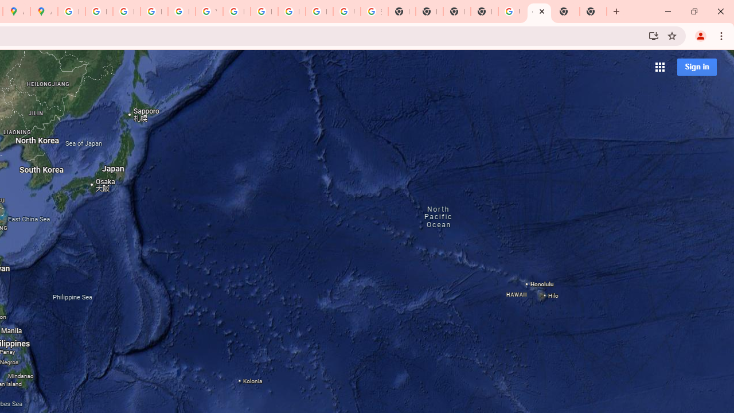  I want to click on 'Restore', so click(693, 11).